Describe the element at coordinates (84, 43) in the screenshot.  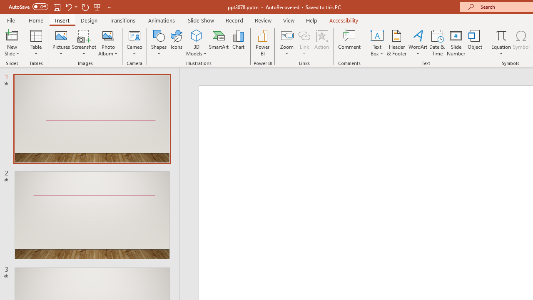
I see `'Screenshot'` at that location.